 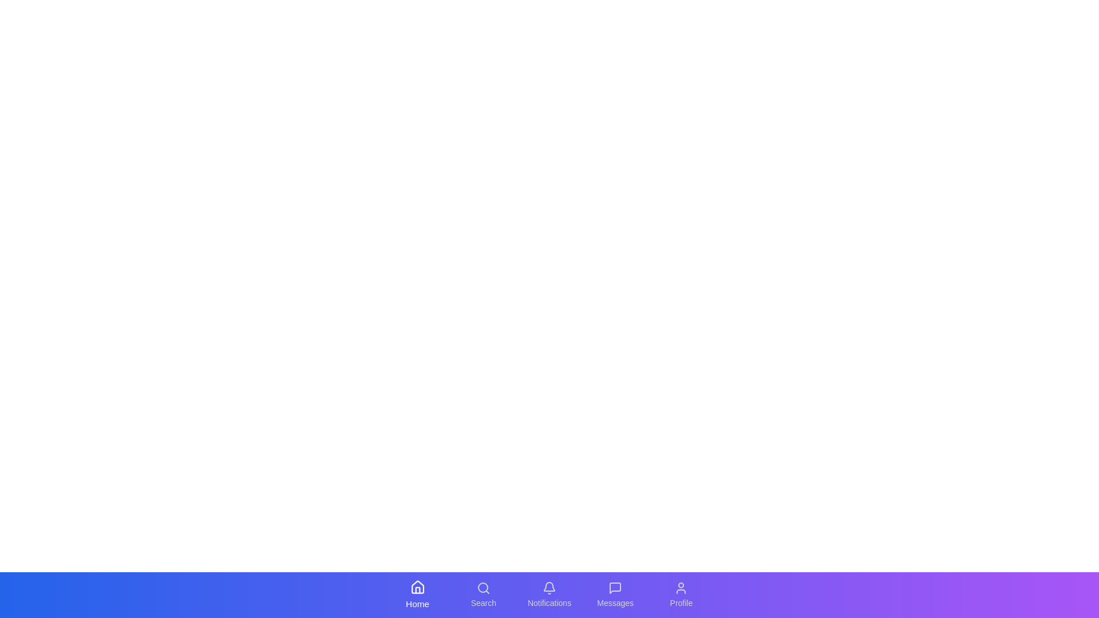 What do you see at coordinates (681, 595) in the screenshot?
I see `the Profile navigation icon to navigate to the corresponding section` at bounding box center [681, 595].